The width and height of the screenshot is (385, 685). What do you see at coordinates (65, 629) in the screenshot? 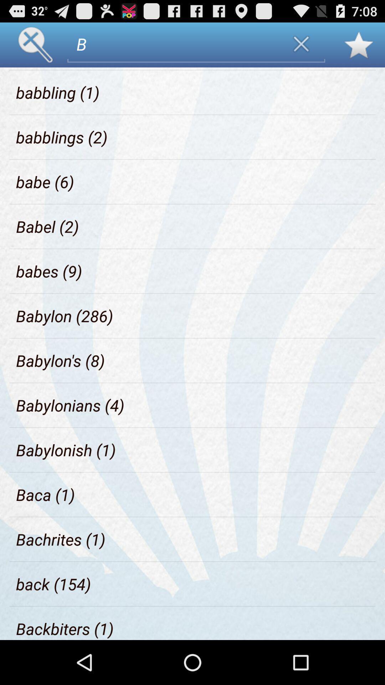
I see `icon below back (154) app` at bounding box center [65, 629].